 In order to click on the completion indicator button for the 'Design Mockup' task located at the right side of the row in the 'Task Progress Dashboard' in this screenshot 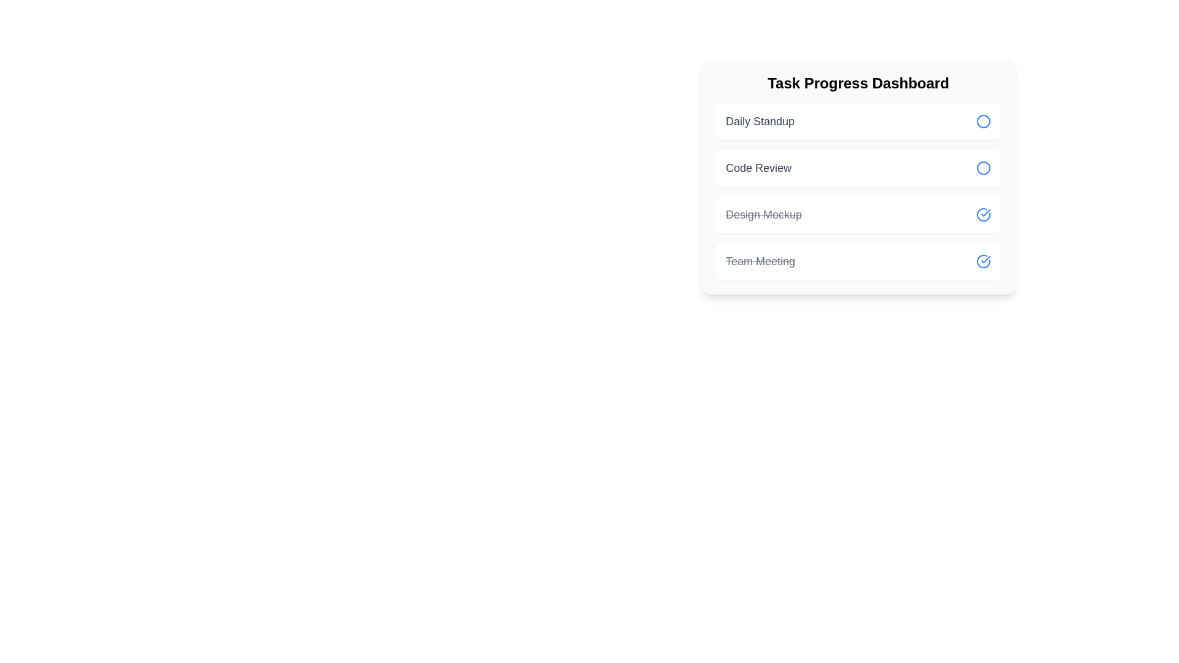, I will do `click(984, 214)`.